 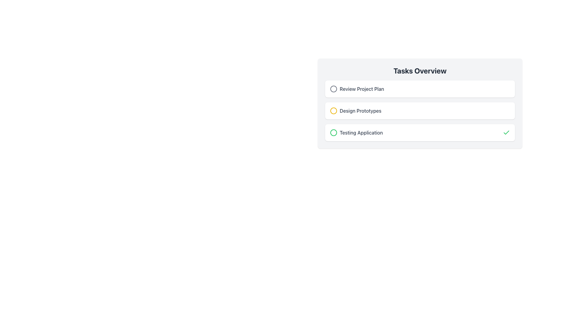 I want to click on the first task item in the 'Tasks Overview' section, which signifies a task to be performed or reviewed, so click(x=420, y=89).